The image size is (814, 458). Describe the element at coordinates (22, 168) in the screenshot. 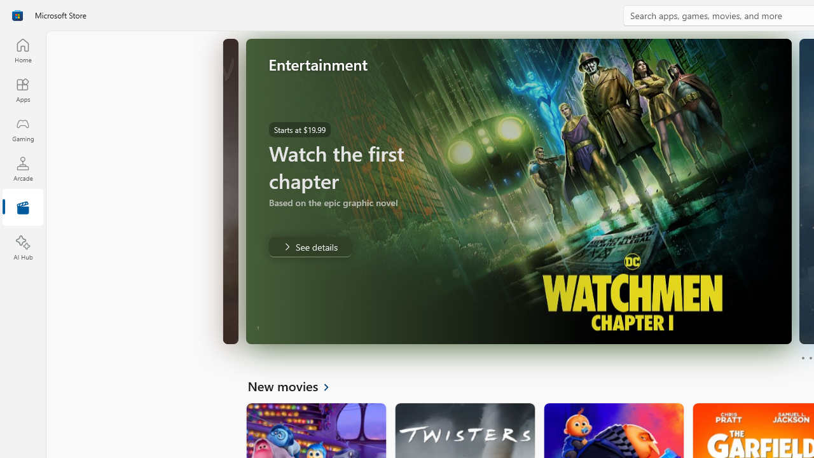

I see `'Arcade'` at that location.